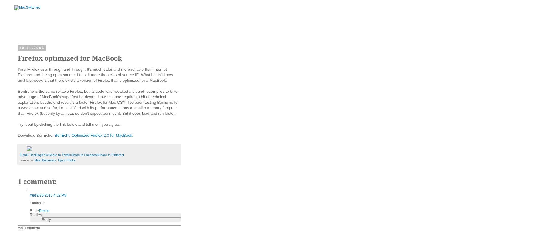  I want to click on 'See also:', so click(27, 159).